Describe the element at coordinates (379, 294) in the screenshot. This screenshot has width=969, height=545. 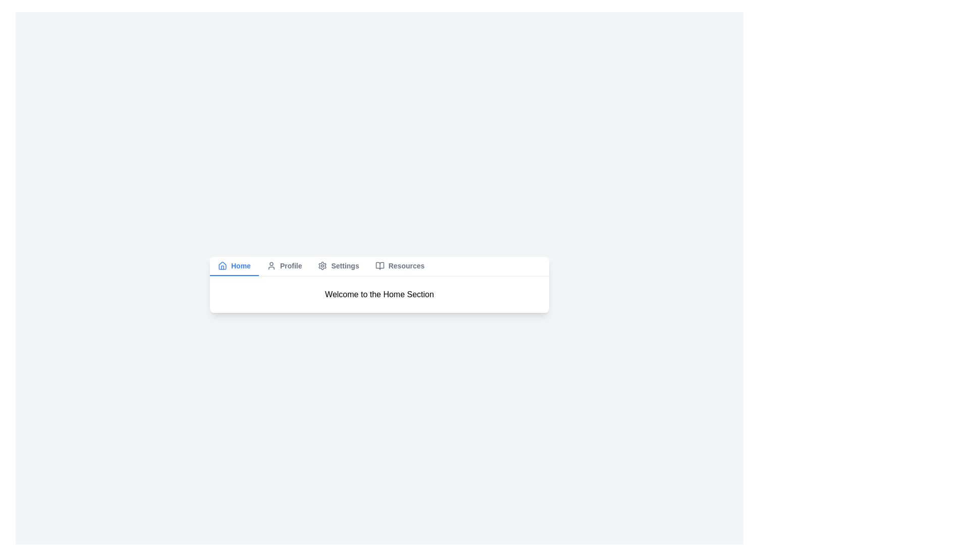
I see `welcome message text label located centrally in the Home Section, positioned below the navigation bar` at that location.